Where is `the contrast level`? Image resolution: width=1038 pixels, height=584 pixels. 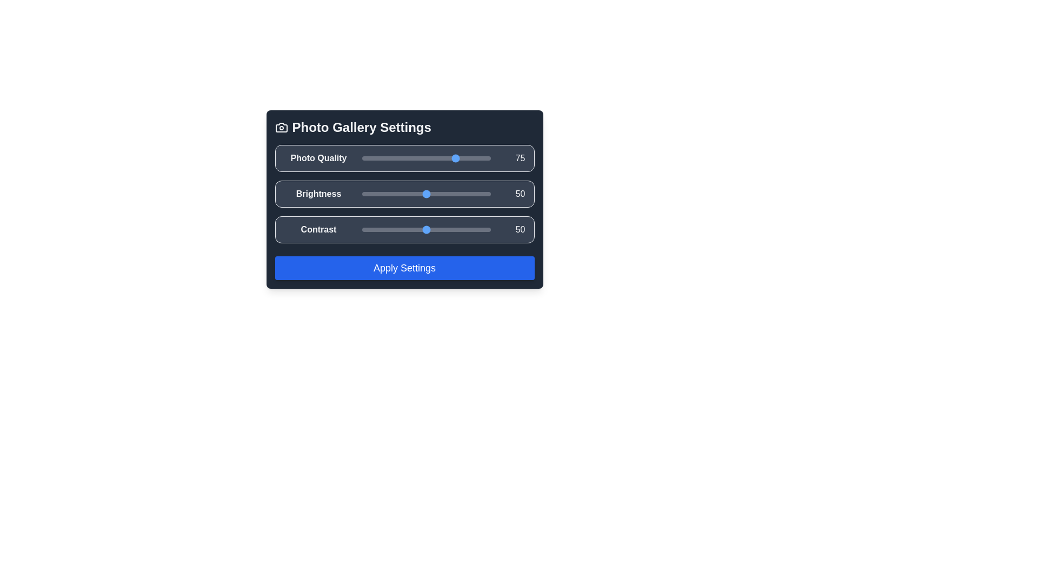 the contrast level is located at coordinates (439, 229).